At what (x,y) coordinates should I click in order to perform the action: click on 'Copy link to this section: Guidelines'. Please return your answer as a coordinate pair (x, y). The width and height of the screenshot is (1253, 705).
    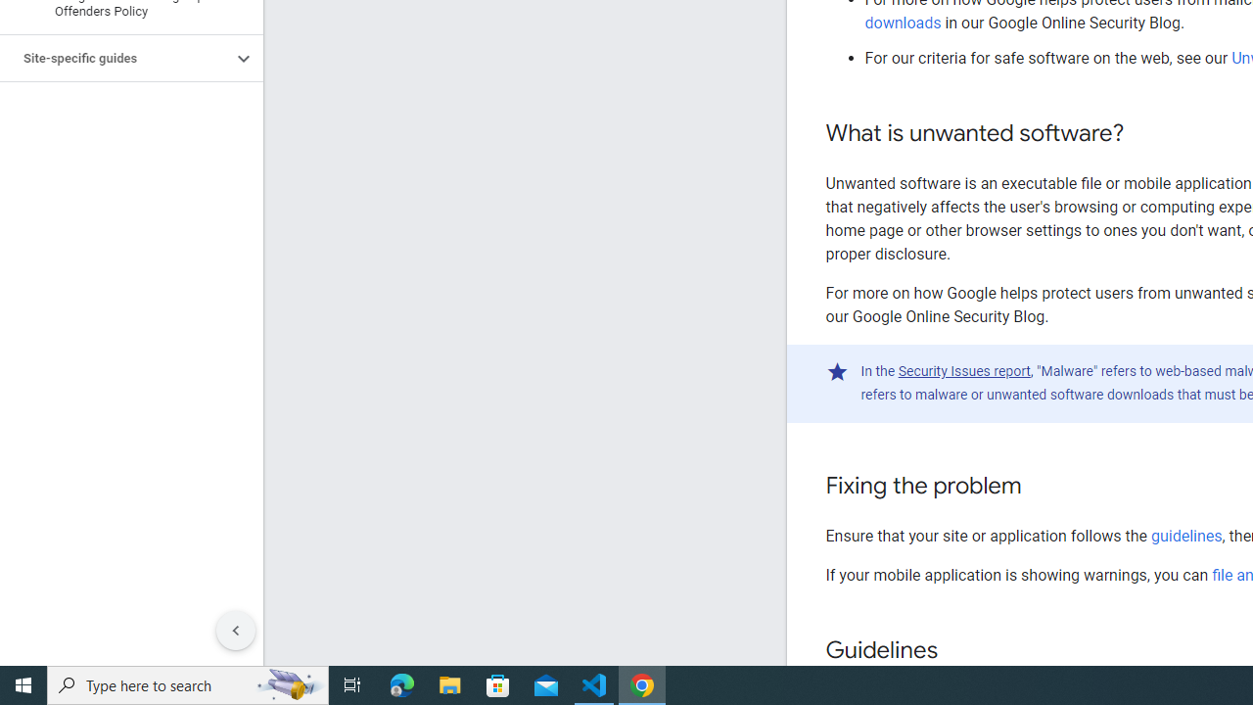
    Looking at the image, I should click on (956, 651).